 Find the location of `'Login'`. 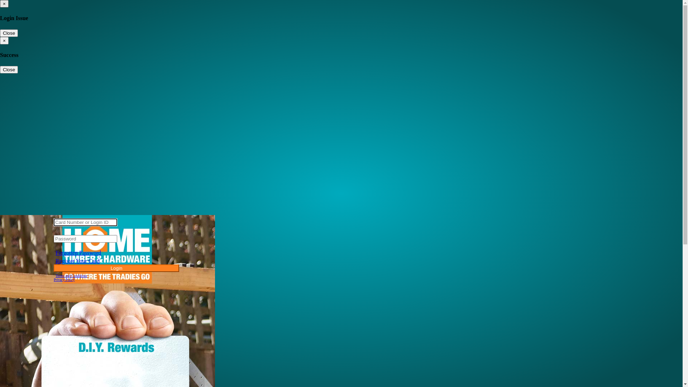

'Login' is located at coordinates (116, 268).